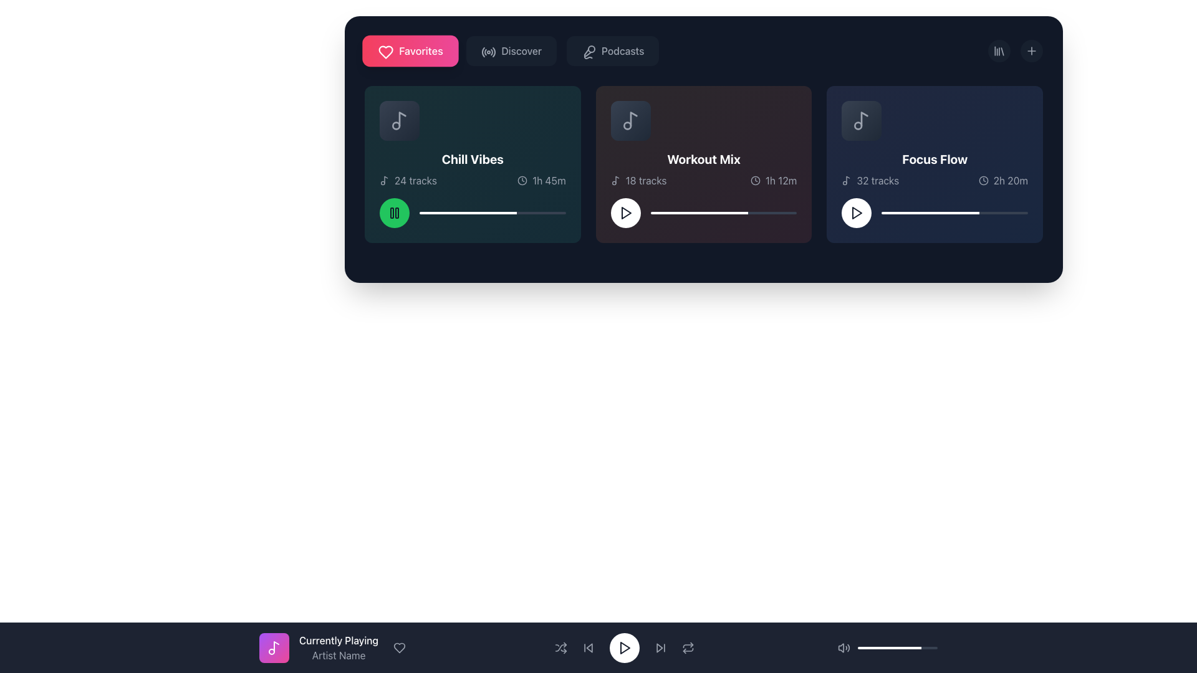 This screenshot has width=1197, height=673. Describe the element at coordinates (589, 52) in the screenshot. I see `the vocal microphone icon button located in the top navigation bar` at that location.